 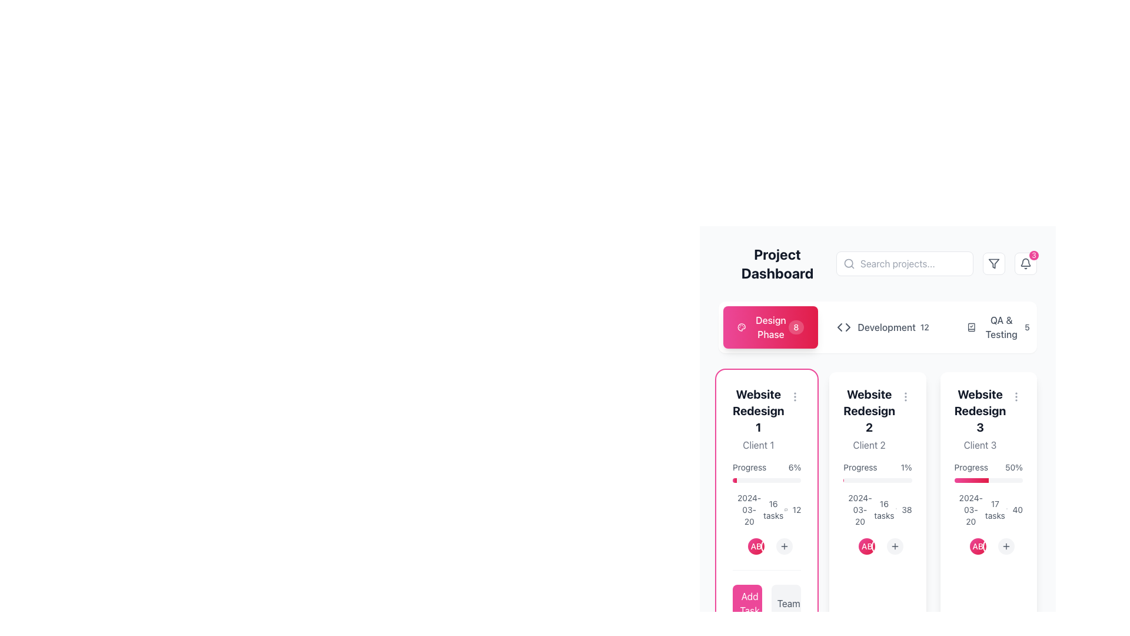 What do you see at coordinates (963, 546) in the screenshot?
I see `the first circular user avatar element located at the bottom of the third card in the Website Redesign 3 section` at bounding box center [963, 546].